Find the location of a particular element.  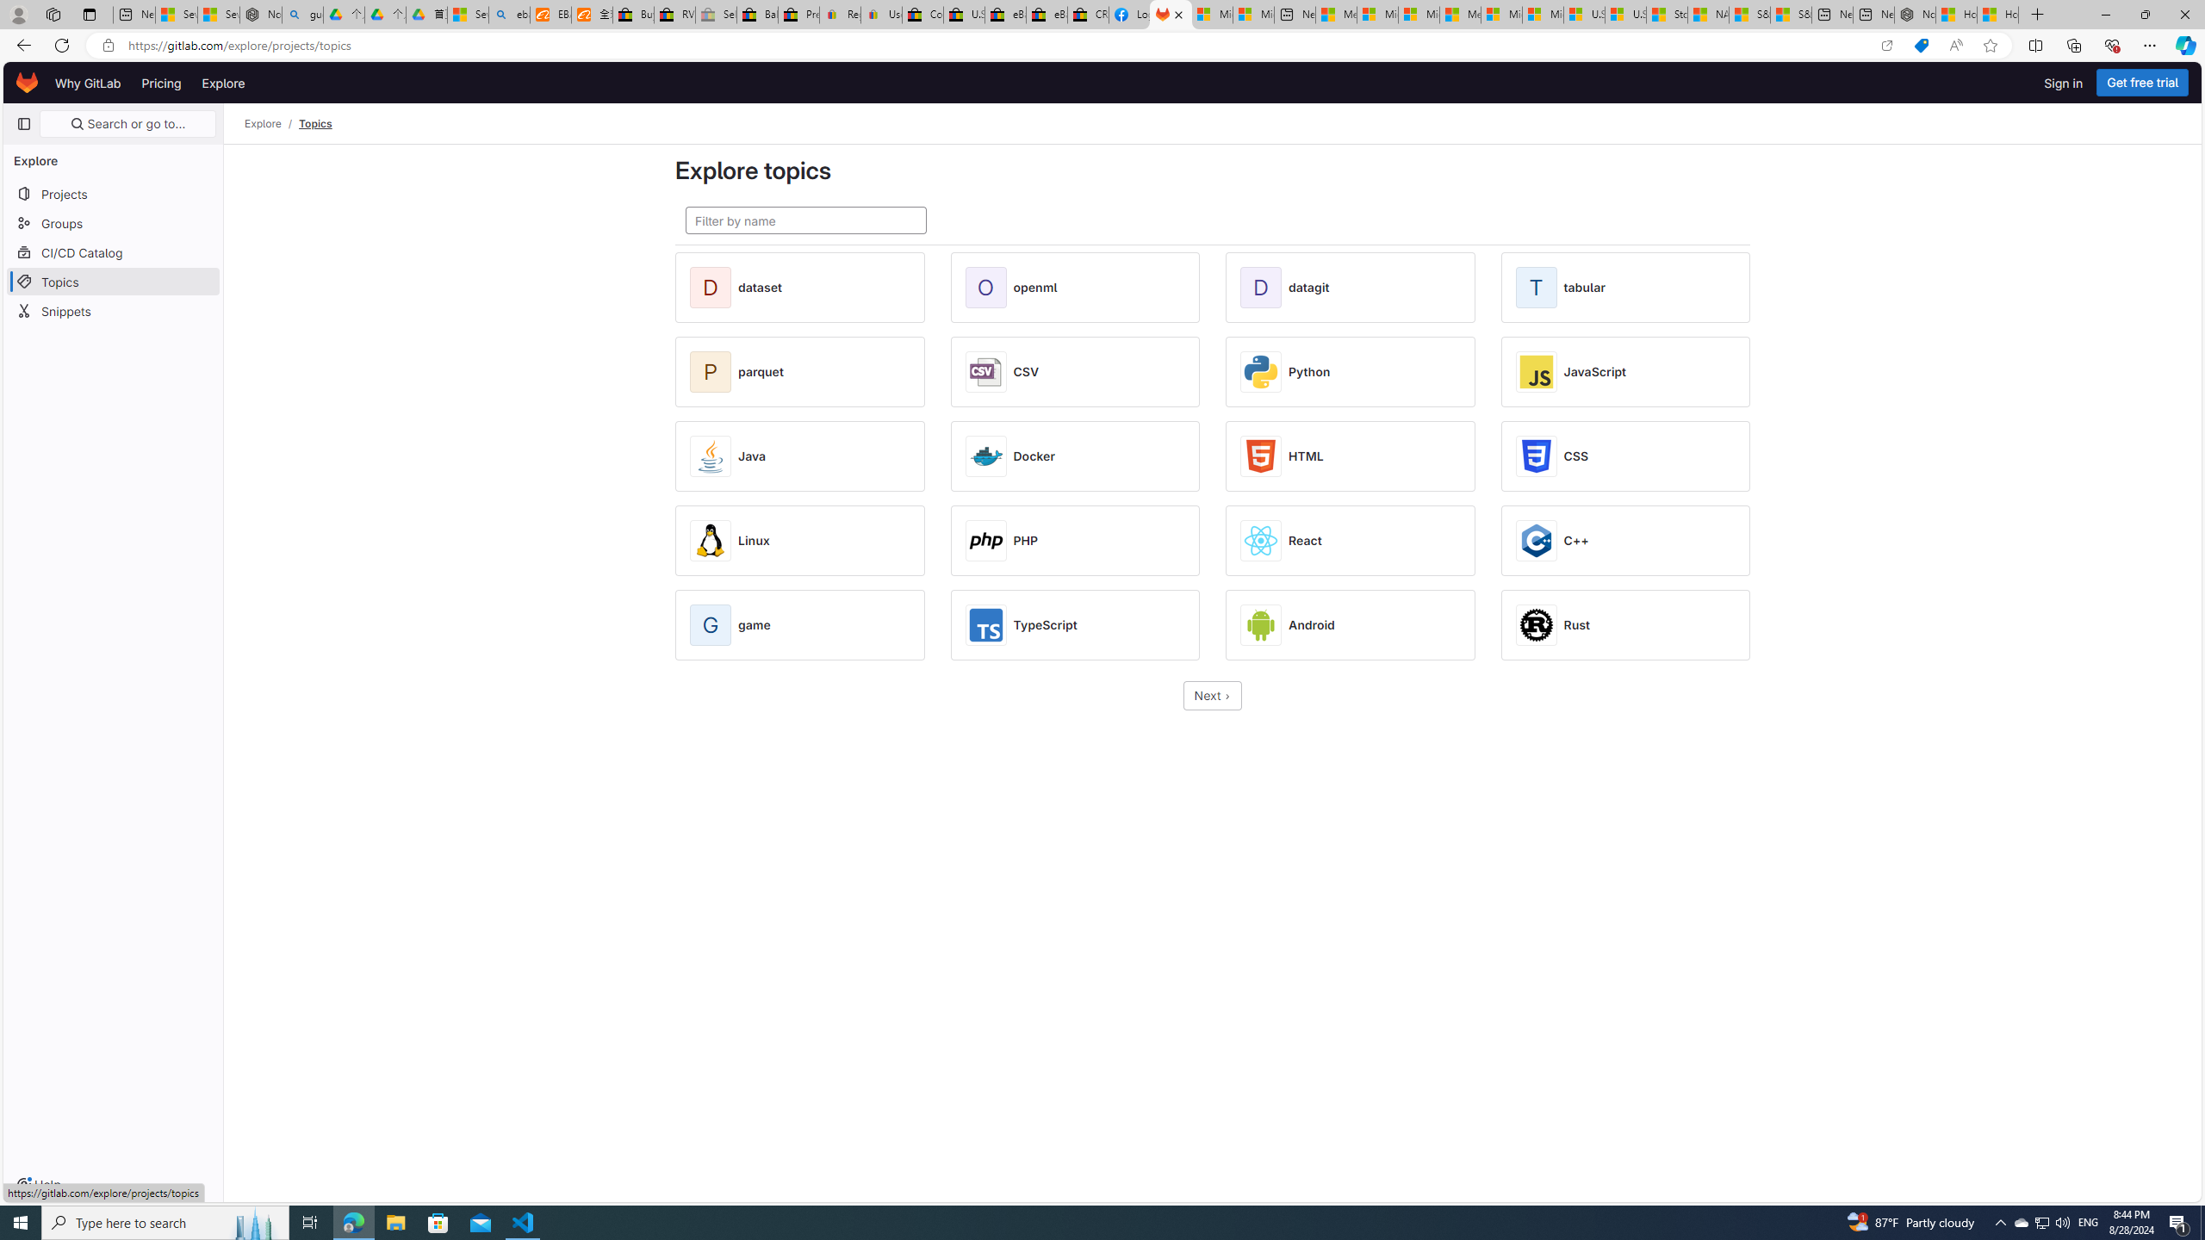

'Homepage' is located at coordinates (28, 82).